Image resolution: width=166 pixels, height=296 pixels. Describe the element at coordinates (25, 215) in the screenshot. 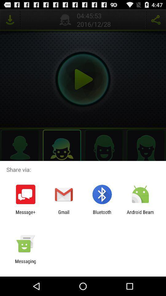

I see `app to the left of gmail` at that location.